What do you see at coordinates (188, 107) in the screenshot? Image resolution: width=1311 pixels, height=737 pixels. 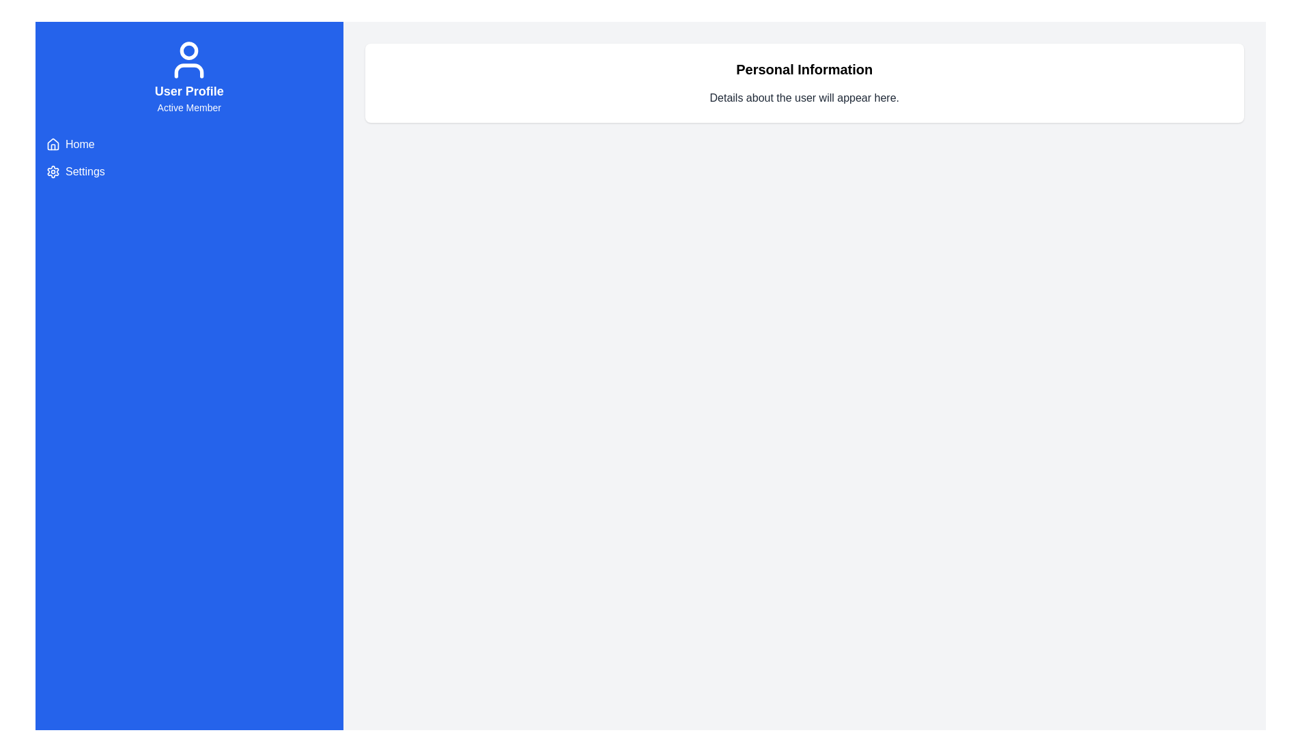 I see `the status indicator text label located beneath the 'User Profile' heading in the blue sidebar` at bounding box center [188, 107].